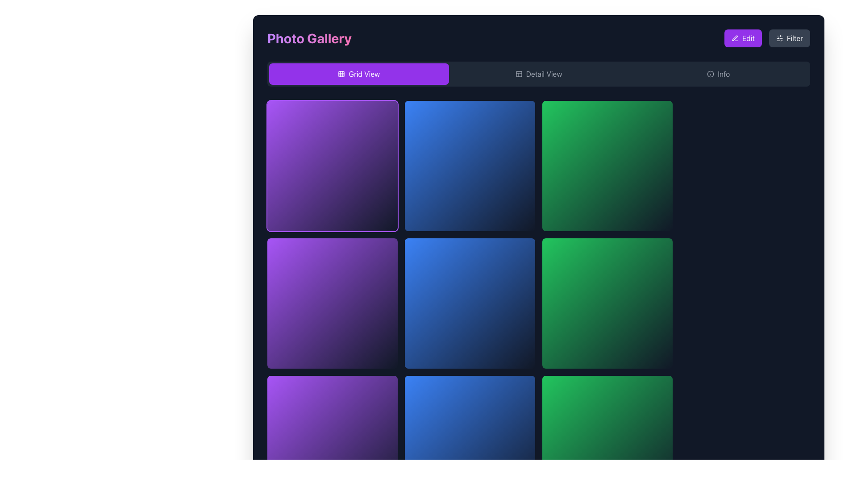 This screenshot has height=482, width=857. What do you see at coordinates (332, 166) in the screenshot?
I see `the top-left card element in the 4-column grid layout, located immediately to the right of the 'Photo Gallery' title` at bounding box center [332, 166].